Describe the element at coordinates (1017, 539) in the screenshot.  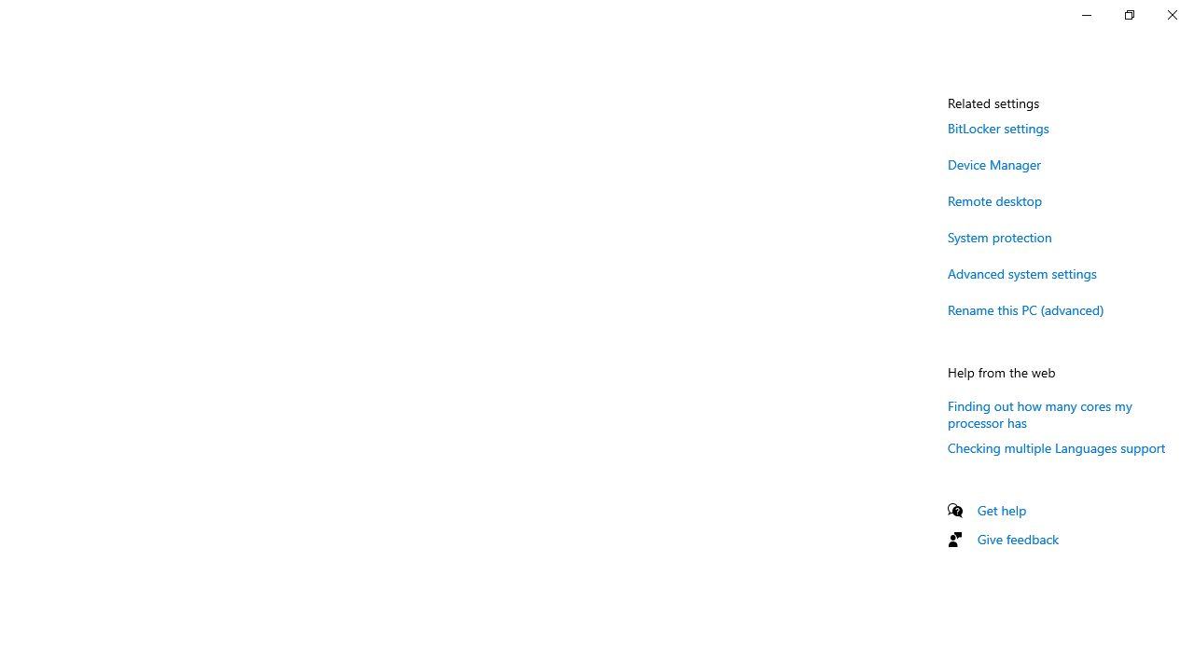
I see `'Give feedback'` at that location.